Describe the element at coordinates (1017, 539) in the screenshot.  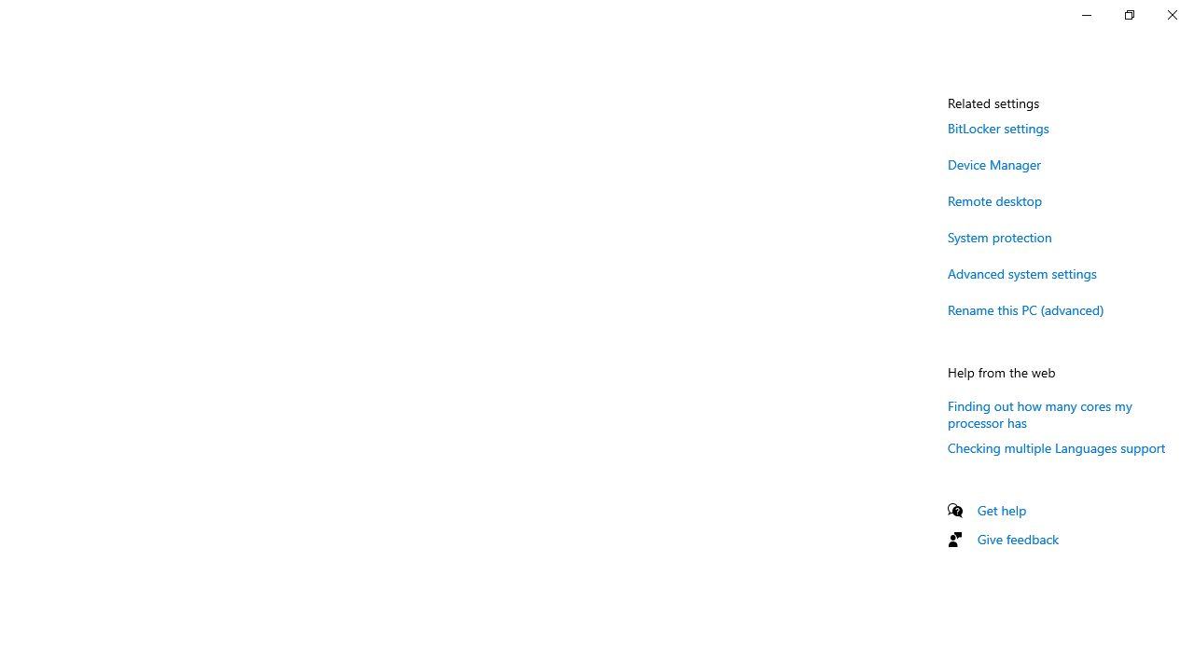
I see `'Give feedback'` at that location.